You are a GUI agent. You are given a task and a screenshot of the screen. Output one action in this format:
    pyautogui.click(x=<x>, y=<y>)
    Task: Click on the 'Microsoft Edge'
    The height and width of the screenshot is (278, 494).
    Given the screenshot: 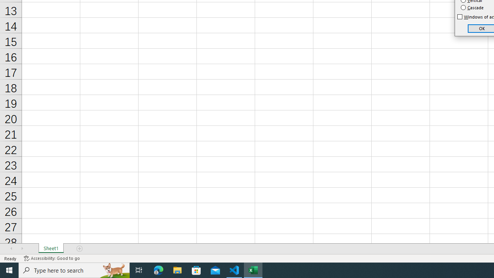 What is the action you would take?
    pyautogui.click(x=158, y=270)
    